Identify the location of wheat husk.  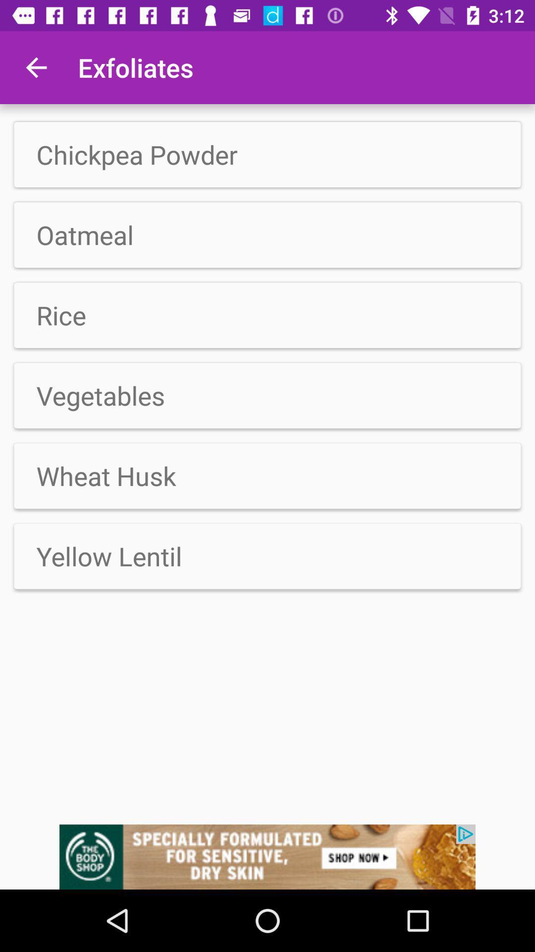
(267, 476).